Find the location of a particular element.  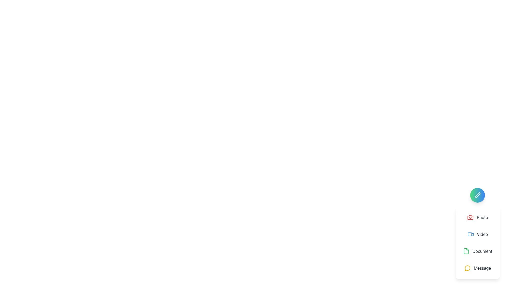

the 'Document' icon, which is the third item in the vertical menu list located between 'Video' and 'Message' is located at coordinates (466, 251).